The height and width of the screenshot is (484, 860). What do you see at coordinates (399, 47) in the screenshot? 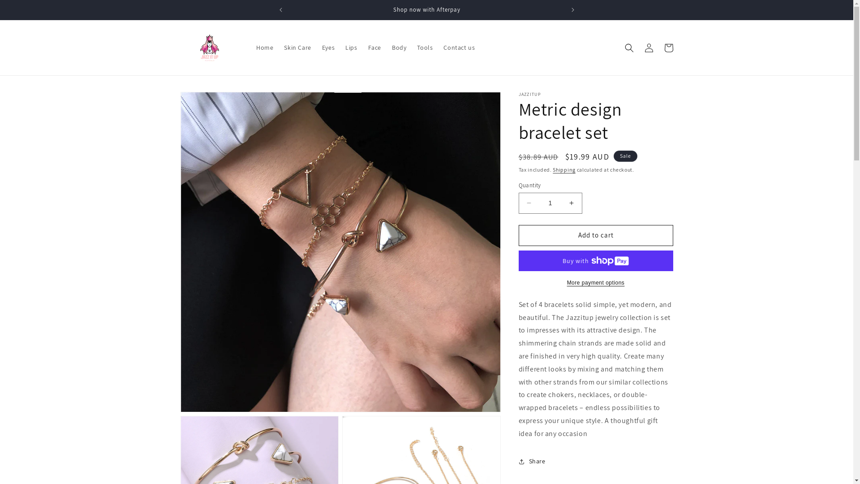
I see `'Body'` at bounding box center [399, 47].